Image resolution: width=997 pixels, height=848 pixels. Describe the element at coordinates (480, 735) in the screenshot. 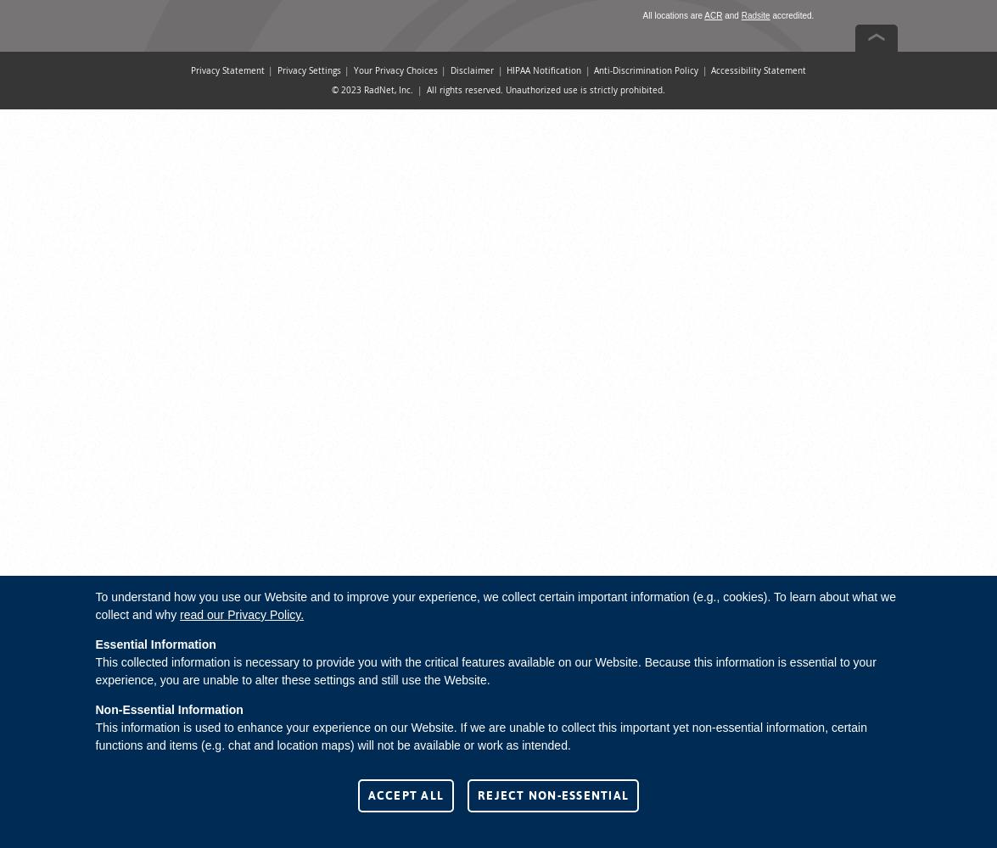

I see `'This information is used to enhance your experience on our Website. If we are unable to collect this important yet non-essential information, certain functions and items (e.g. chat and location maps) will not be available or work as intended.'` at that location.